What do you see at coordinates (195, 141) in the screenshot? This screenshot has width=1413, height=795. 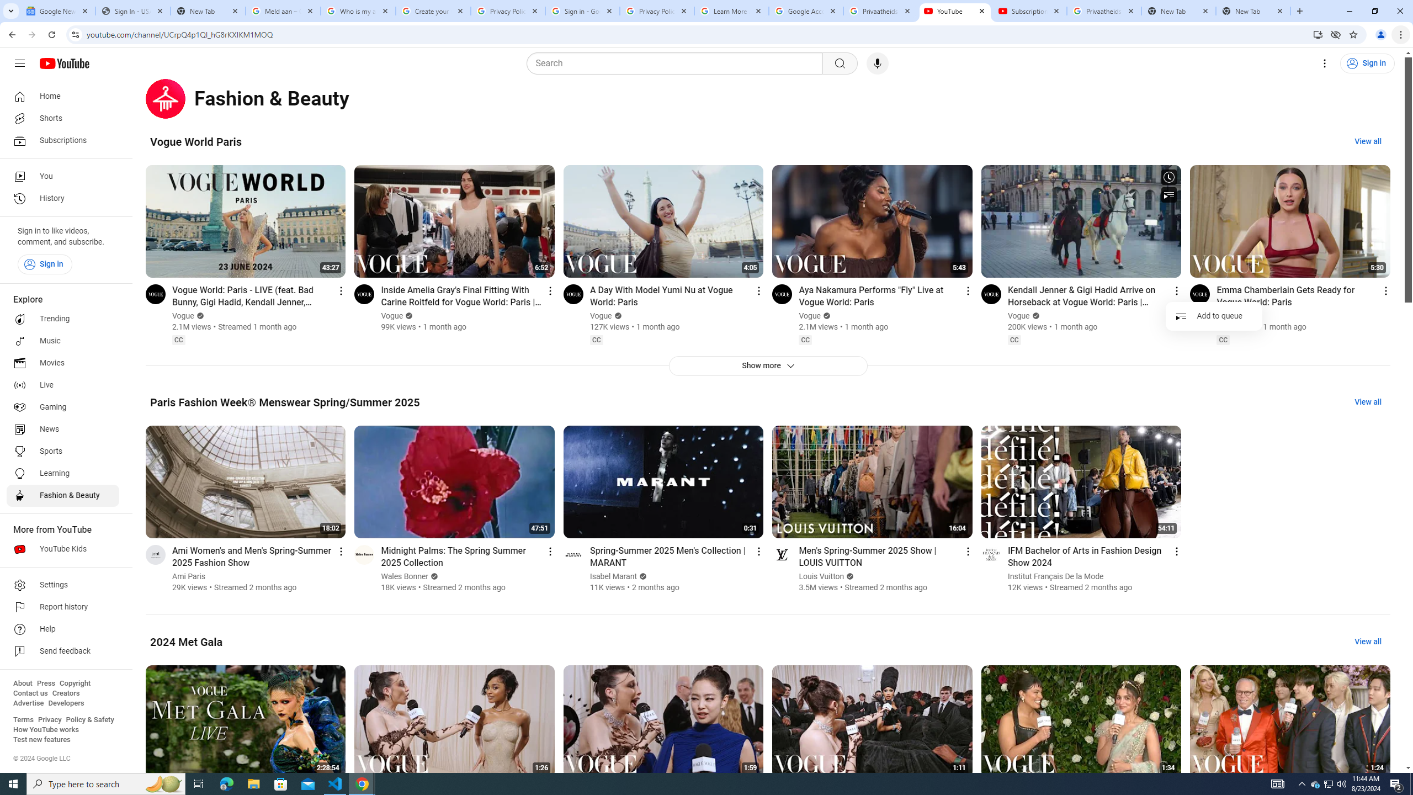 I see `'Vogue World Paris'` at bounding box center [195, 141].